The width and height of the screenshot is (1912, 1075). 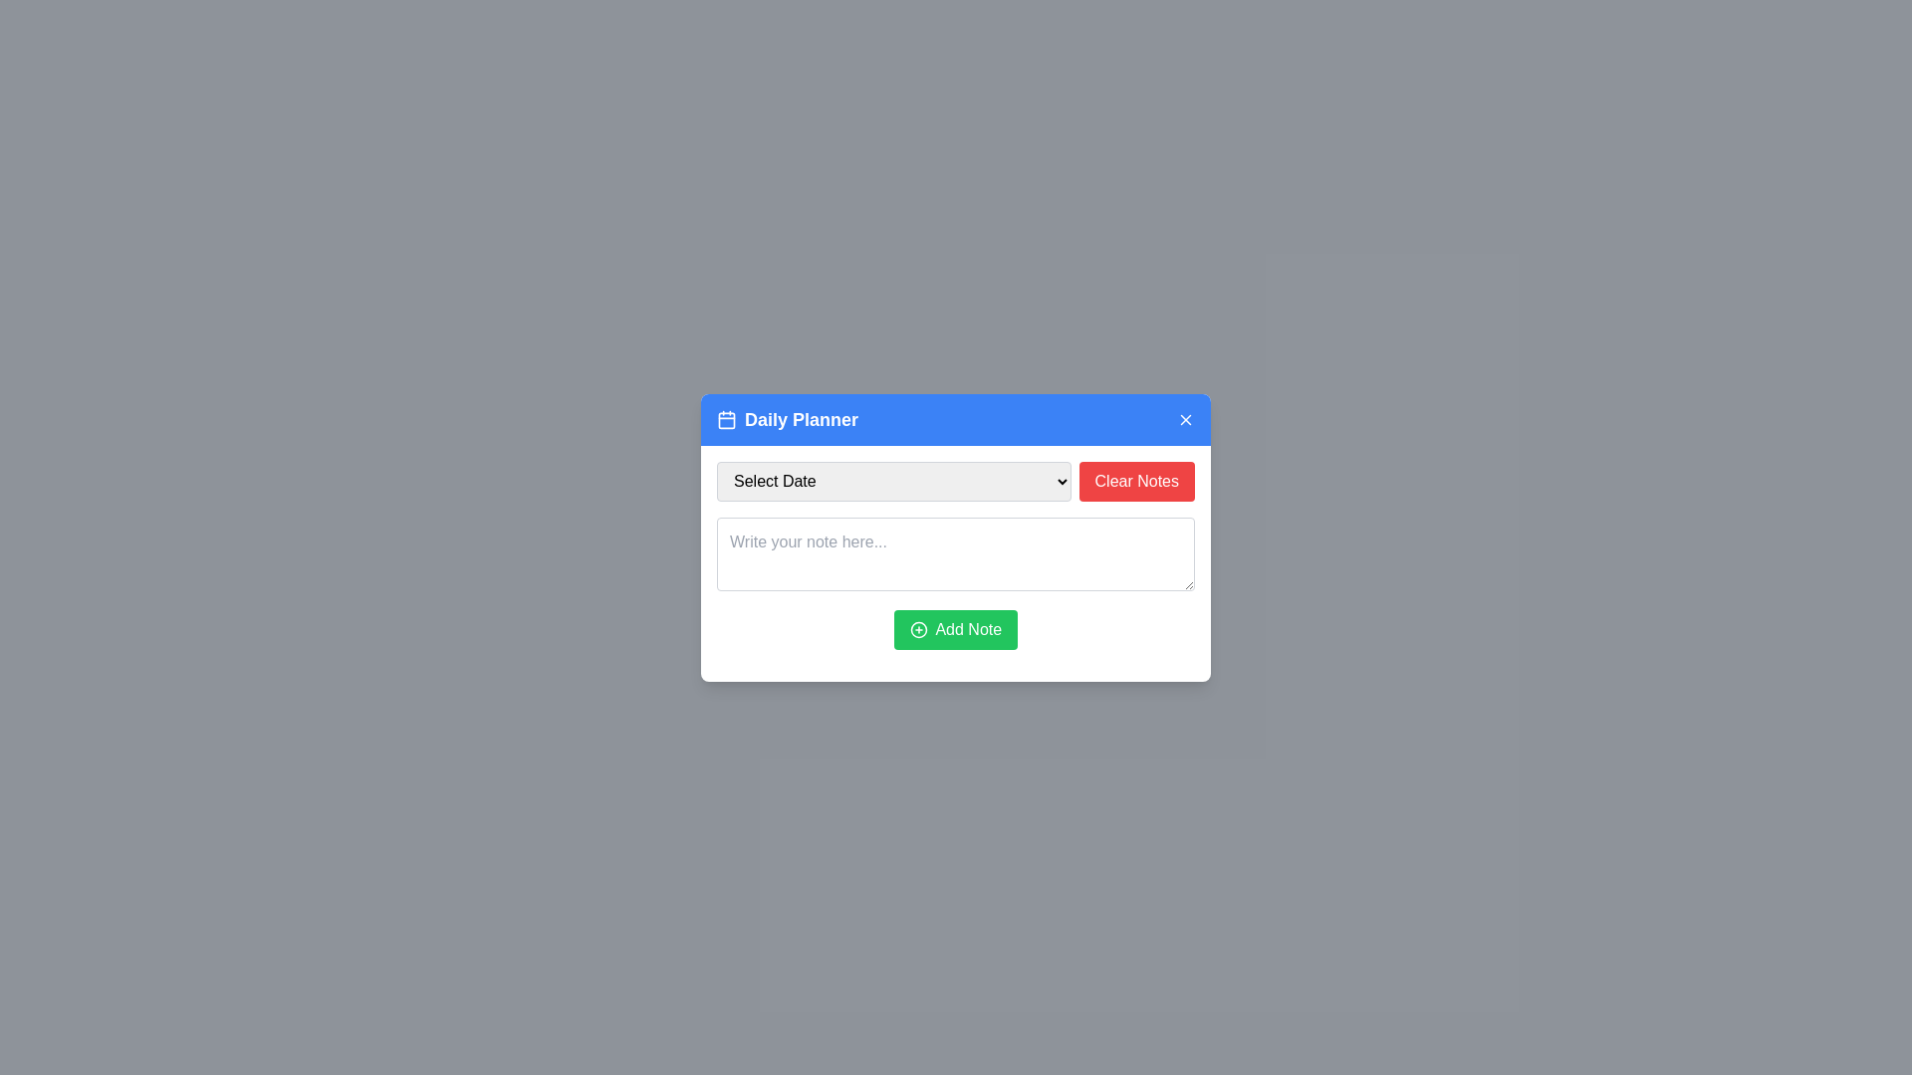 I want to click on the decorative vector graphic within the calendar icon located at the top-left corner of the modal header, next to the text 'Daily Planner', so click(x=725, y=418).